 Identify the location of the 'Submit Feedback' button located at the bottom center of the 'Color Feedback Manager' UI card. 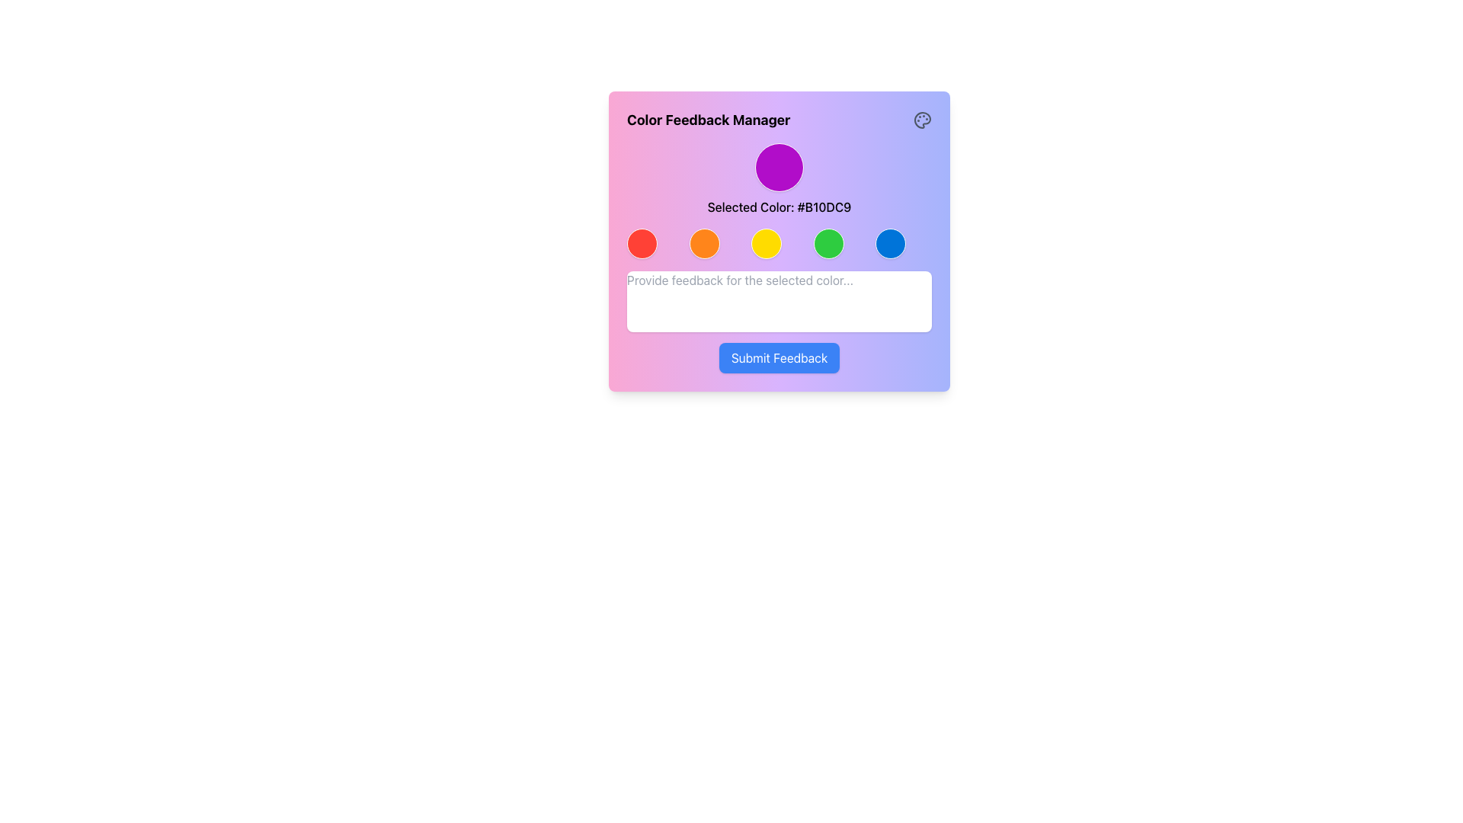
(779, 358).